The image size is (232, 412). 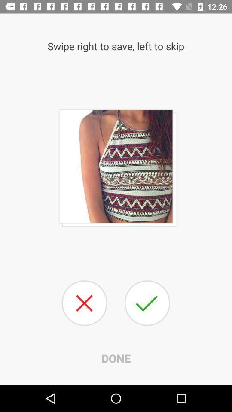 I want to click on skip the article, so click(x=84, y=303).